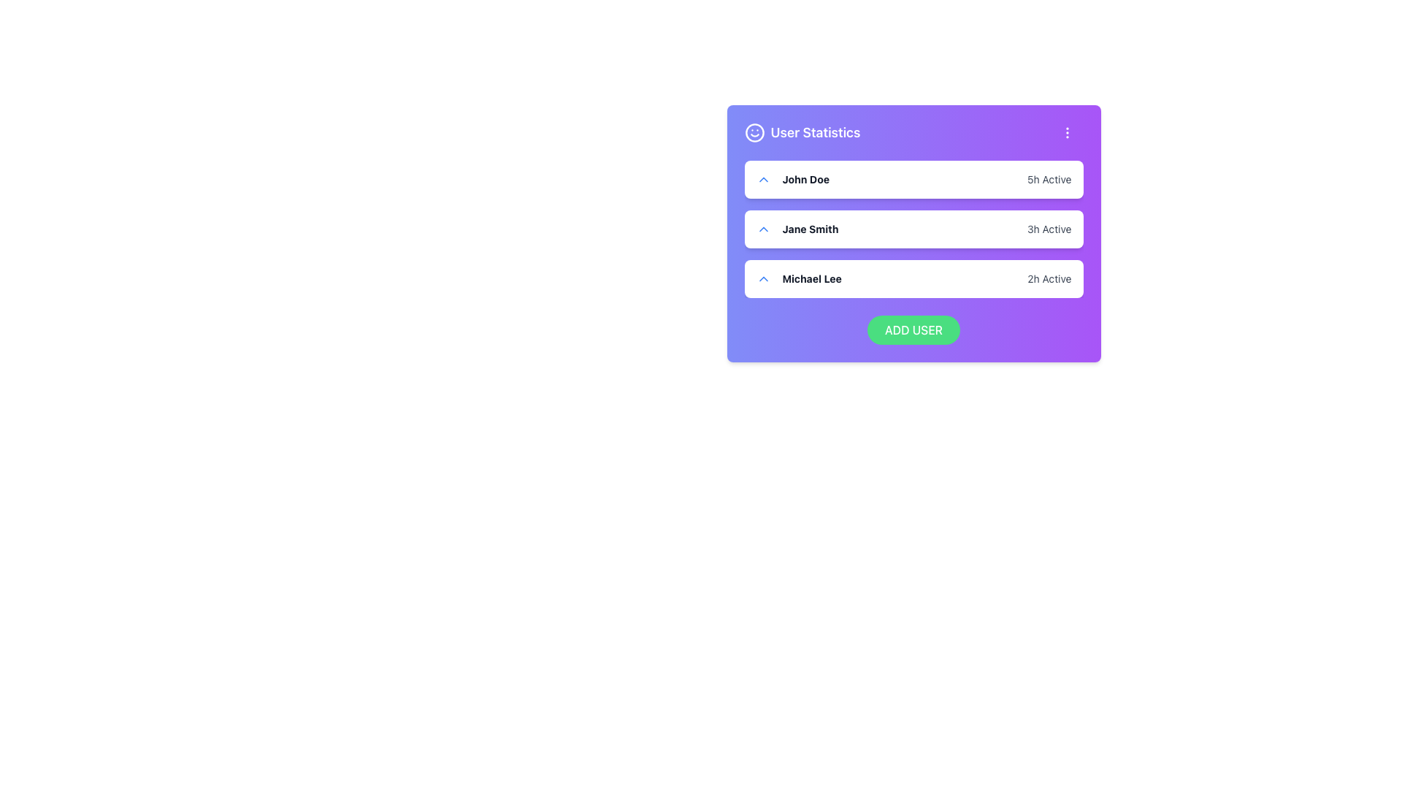 This screenshot has width=1402, height=789. What do you see at coordinates (913, 229) in the screenshot?
I see `the Group element containing the text 'Jane Smith 3h Active'` at bounding box center [913, 229].